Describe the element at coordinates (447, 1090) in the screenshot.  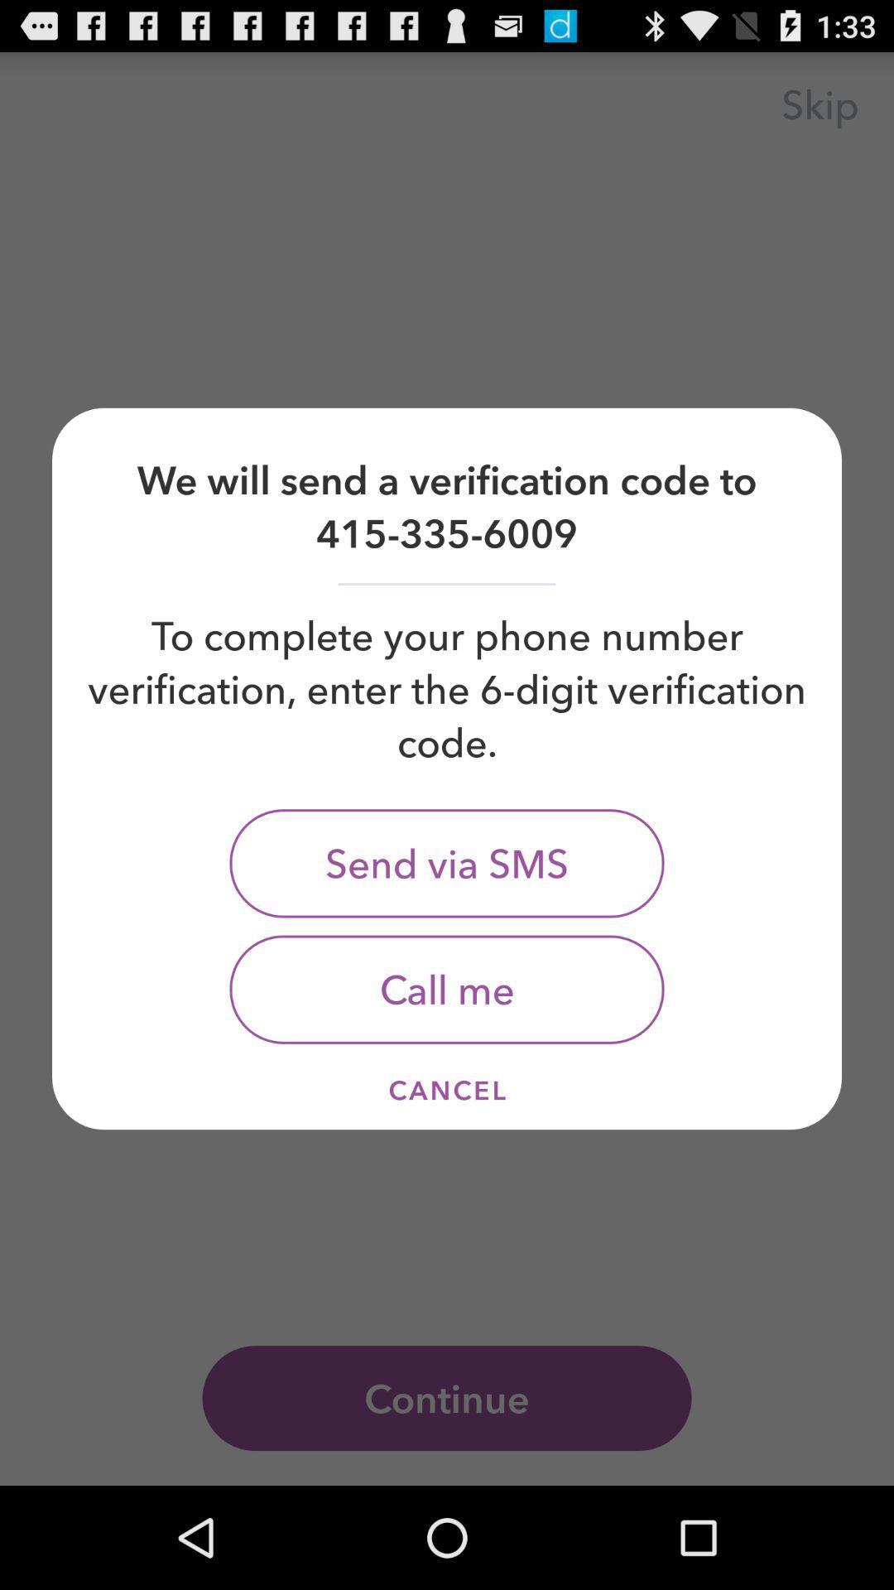
I see `item at the bottom` at that location.